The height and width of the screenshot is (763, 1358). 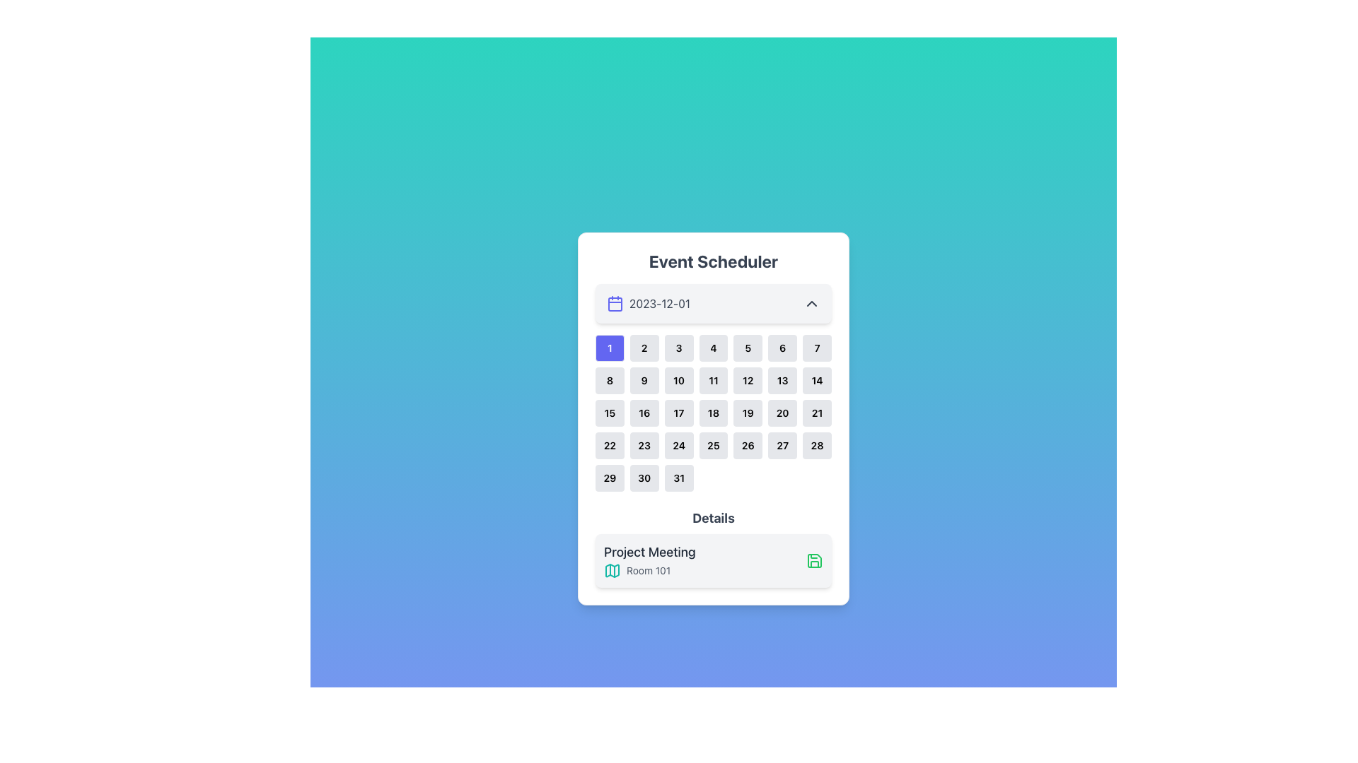 What do you see at coordinates (649, 552) in the screenshot?
I see `text from the bold label 'Project Meeting' located at the top of the details section in the dialog interface` at bounding box center [649, 552].